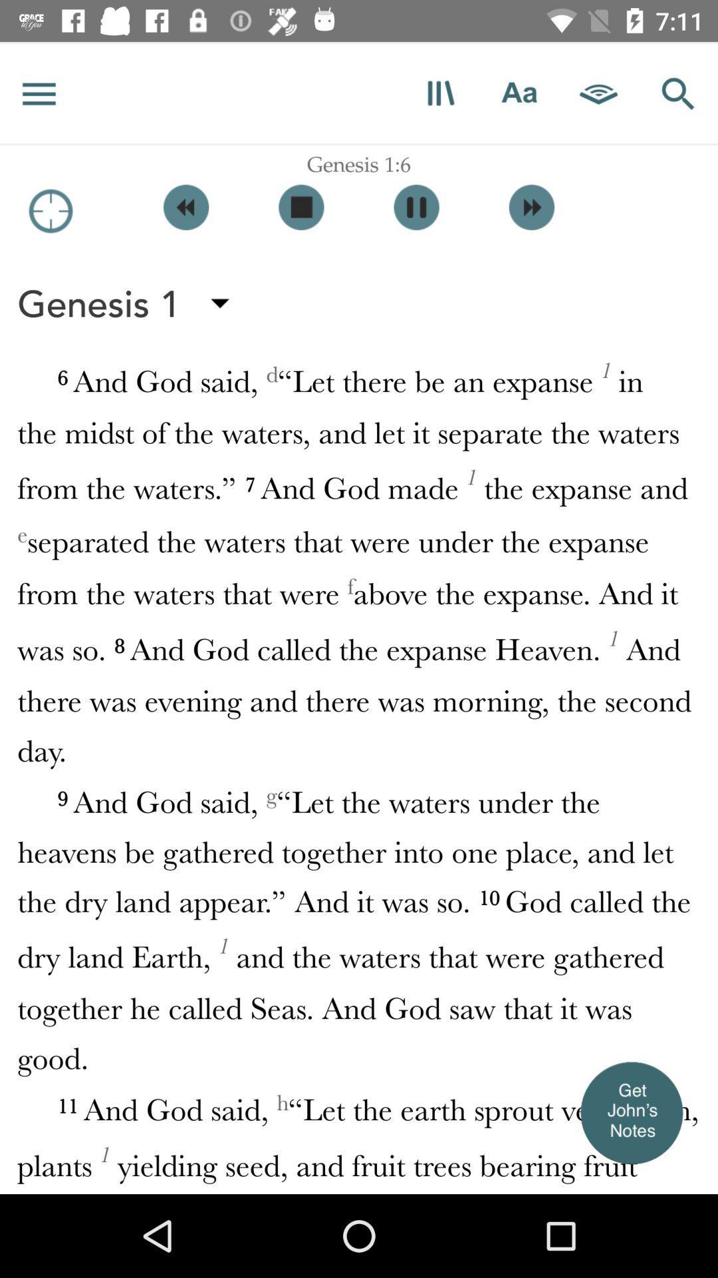  Describe the element at coordinates (186, 206) in the screenshot. I see `rewind` at that location.